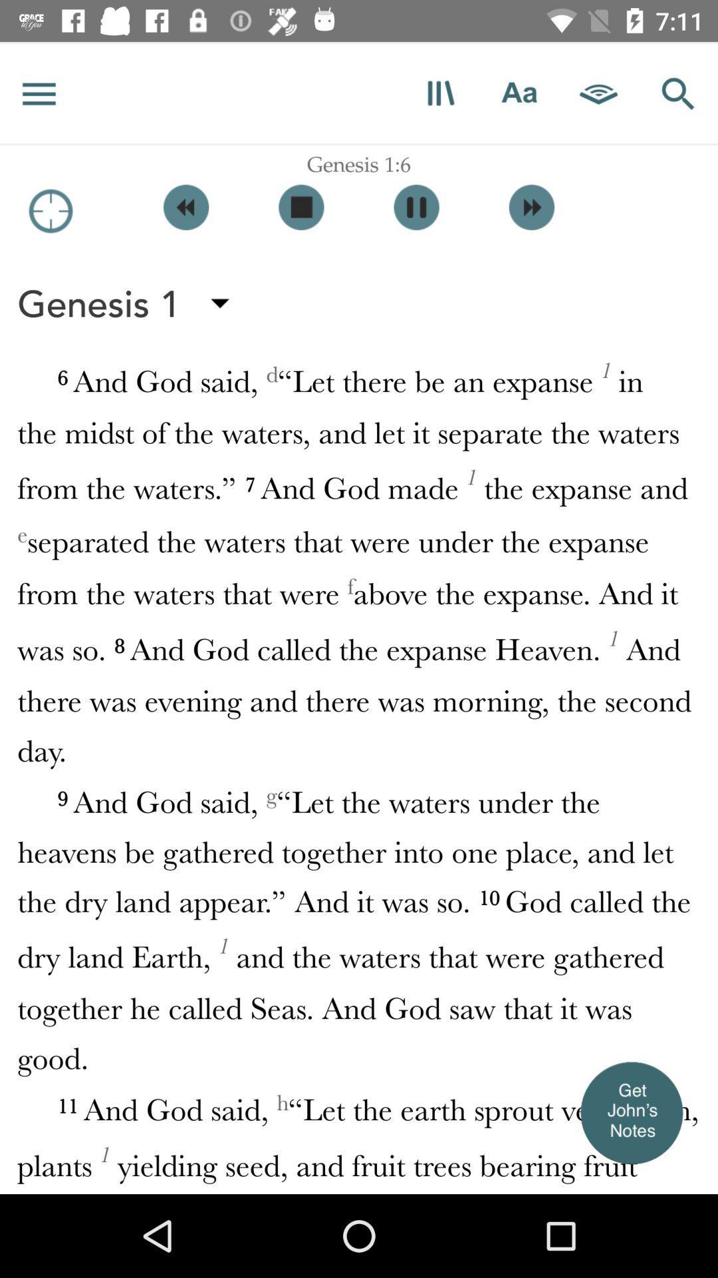  Describe the element at coordinates (186, 206) in the screenshot. I see `rewind` at that location.